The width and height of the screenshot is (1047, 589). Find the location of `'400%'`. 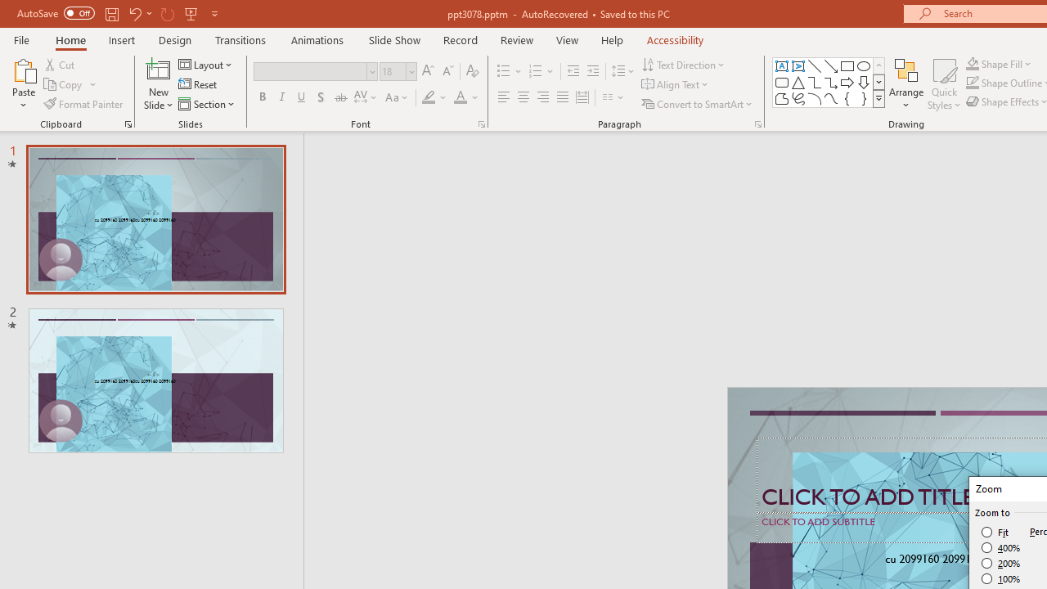

'400%' is located at coordinates (1000, 547).